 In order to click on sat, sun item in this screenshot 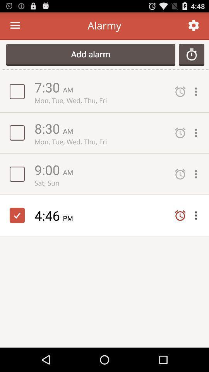, I will do `click(101, 183)`.